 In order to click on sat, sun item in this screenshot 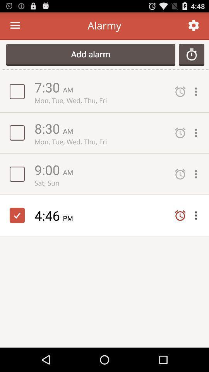, I will do `click(101, 183)`.